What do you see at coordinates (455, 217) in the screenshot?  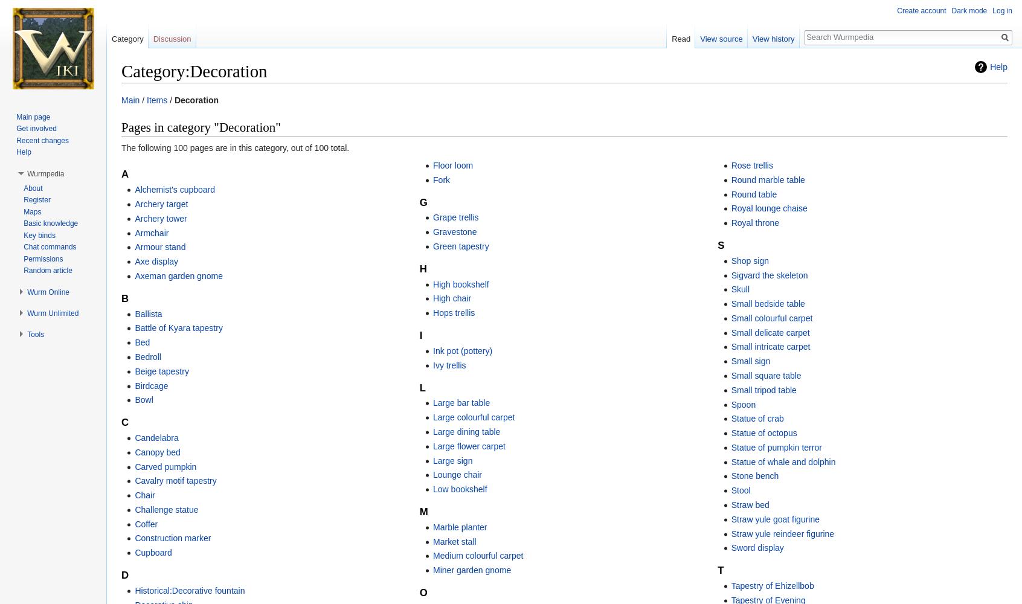 I see `'Grape trellis'` at bounding box center [455, 217].